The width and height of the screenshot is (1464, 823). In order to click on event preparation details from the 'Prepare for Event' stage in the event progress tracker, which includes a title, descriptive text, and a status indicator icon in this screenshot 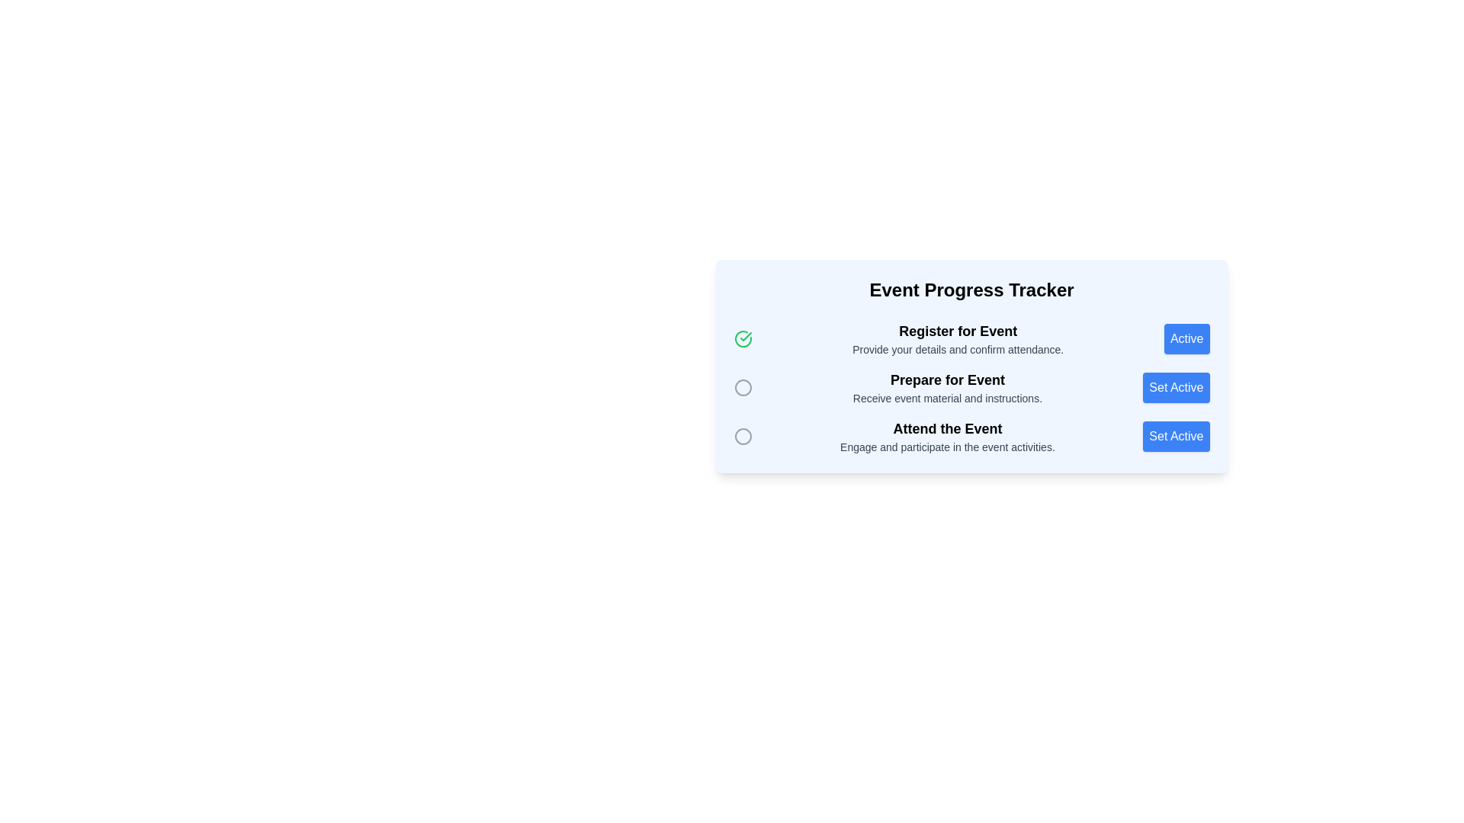, I will do `click(971, 387)`.